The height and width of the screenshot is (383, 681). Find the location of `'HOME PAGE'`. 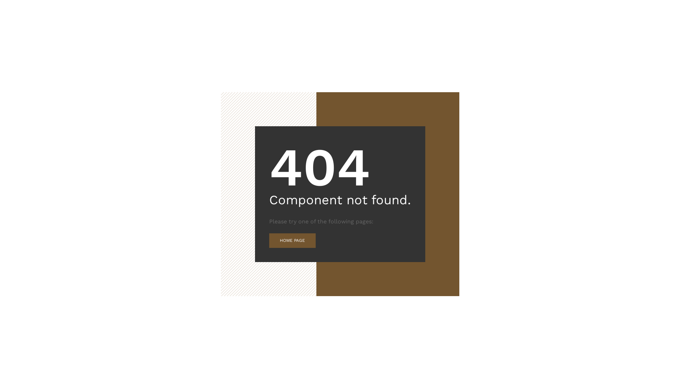

'HOME PAGE' is located at coordinates (292, 240).